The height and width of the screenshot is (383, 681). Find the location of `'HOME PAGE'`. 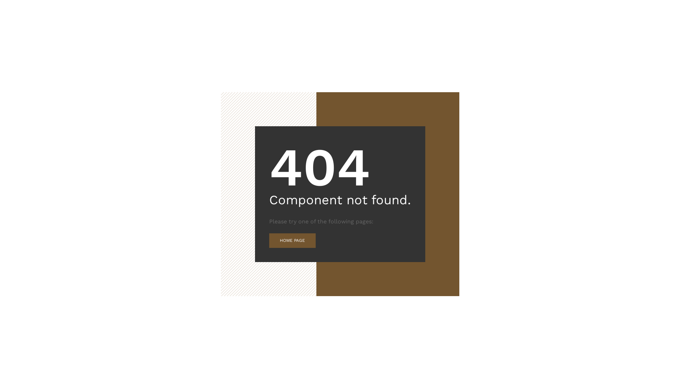

'HOME PAGE' is located at coordinates (292, 240).